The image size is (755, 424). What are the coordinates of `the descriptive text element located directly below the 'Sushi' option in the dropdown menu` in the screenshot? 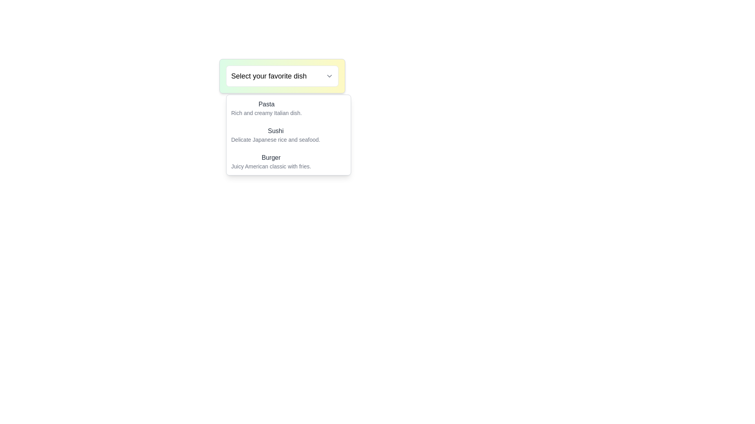 It's located at (276, 139).